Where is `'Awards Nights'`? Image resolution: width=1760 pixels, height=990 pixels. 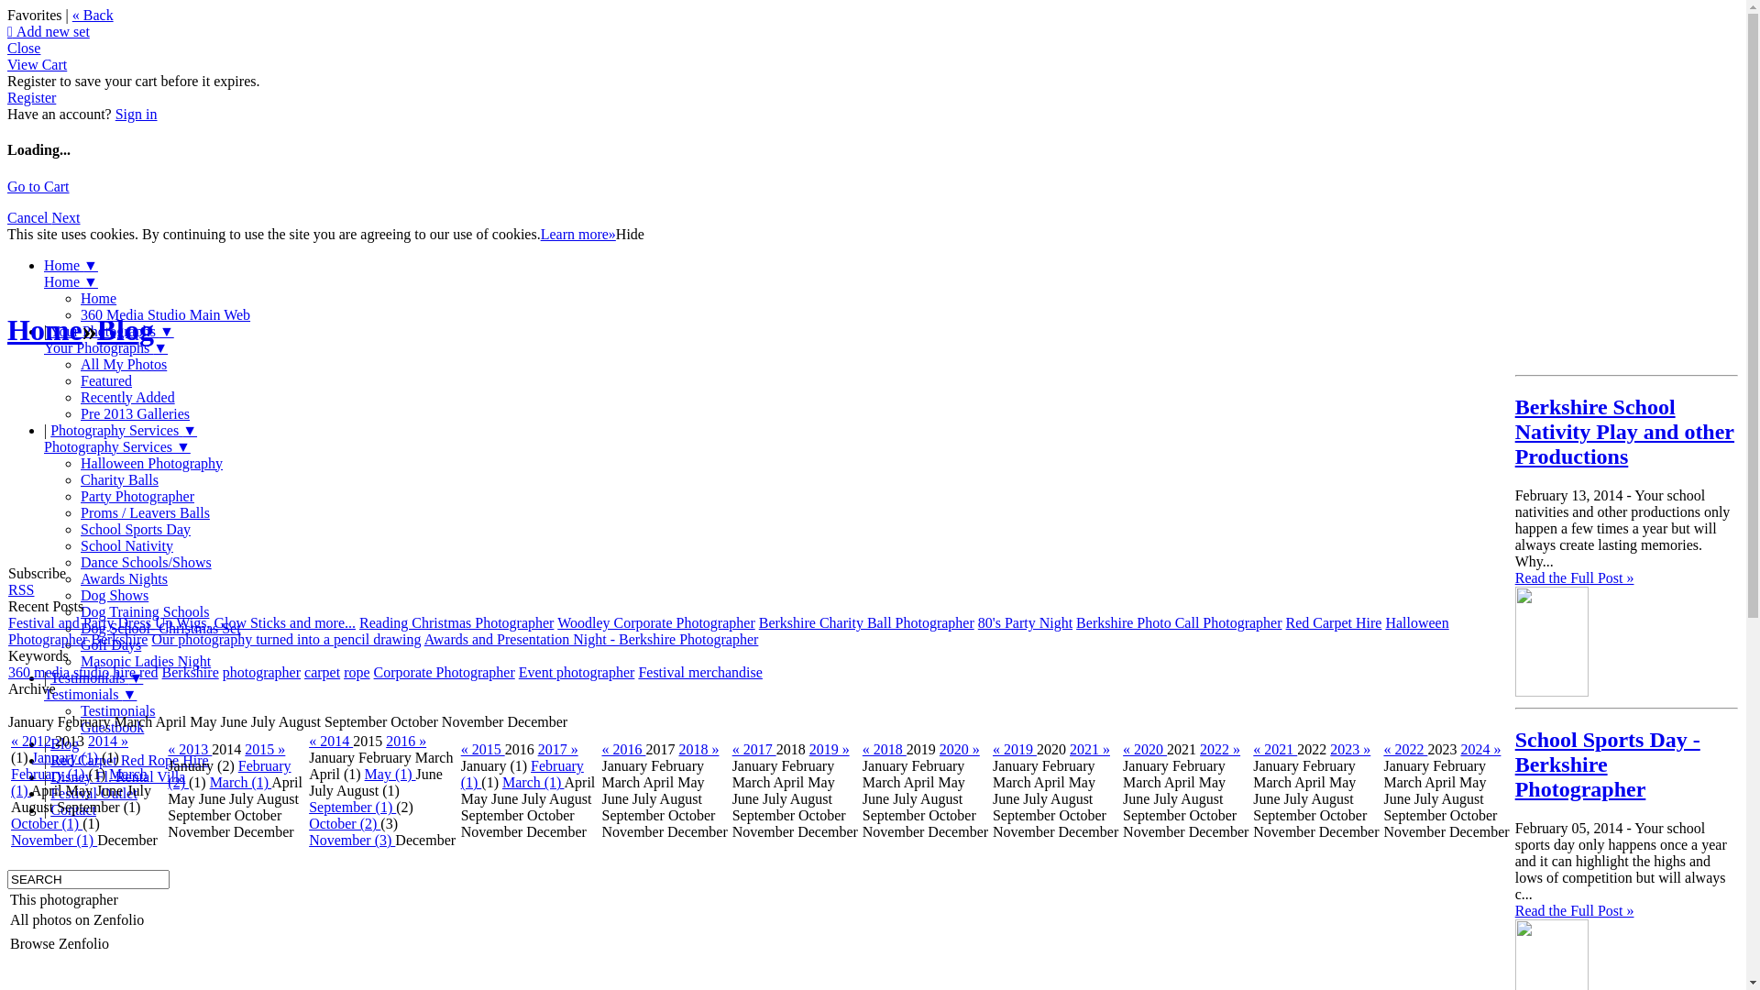 'Awards Nights' is located at coordinates (123, 578).